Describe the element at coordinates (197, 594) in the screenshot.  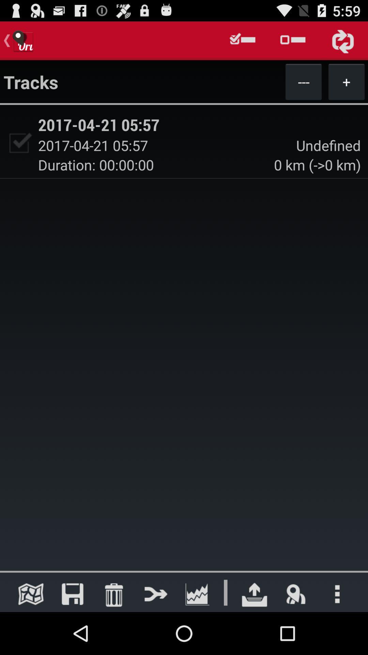
I see `look at graph` at that location.